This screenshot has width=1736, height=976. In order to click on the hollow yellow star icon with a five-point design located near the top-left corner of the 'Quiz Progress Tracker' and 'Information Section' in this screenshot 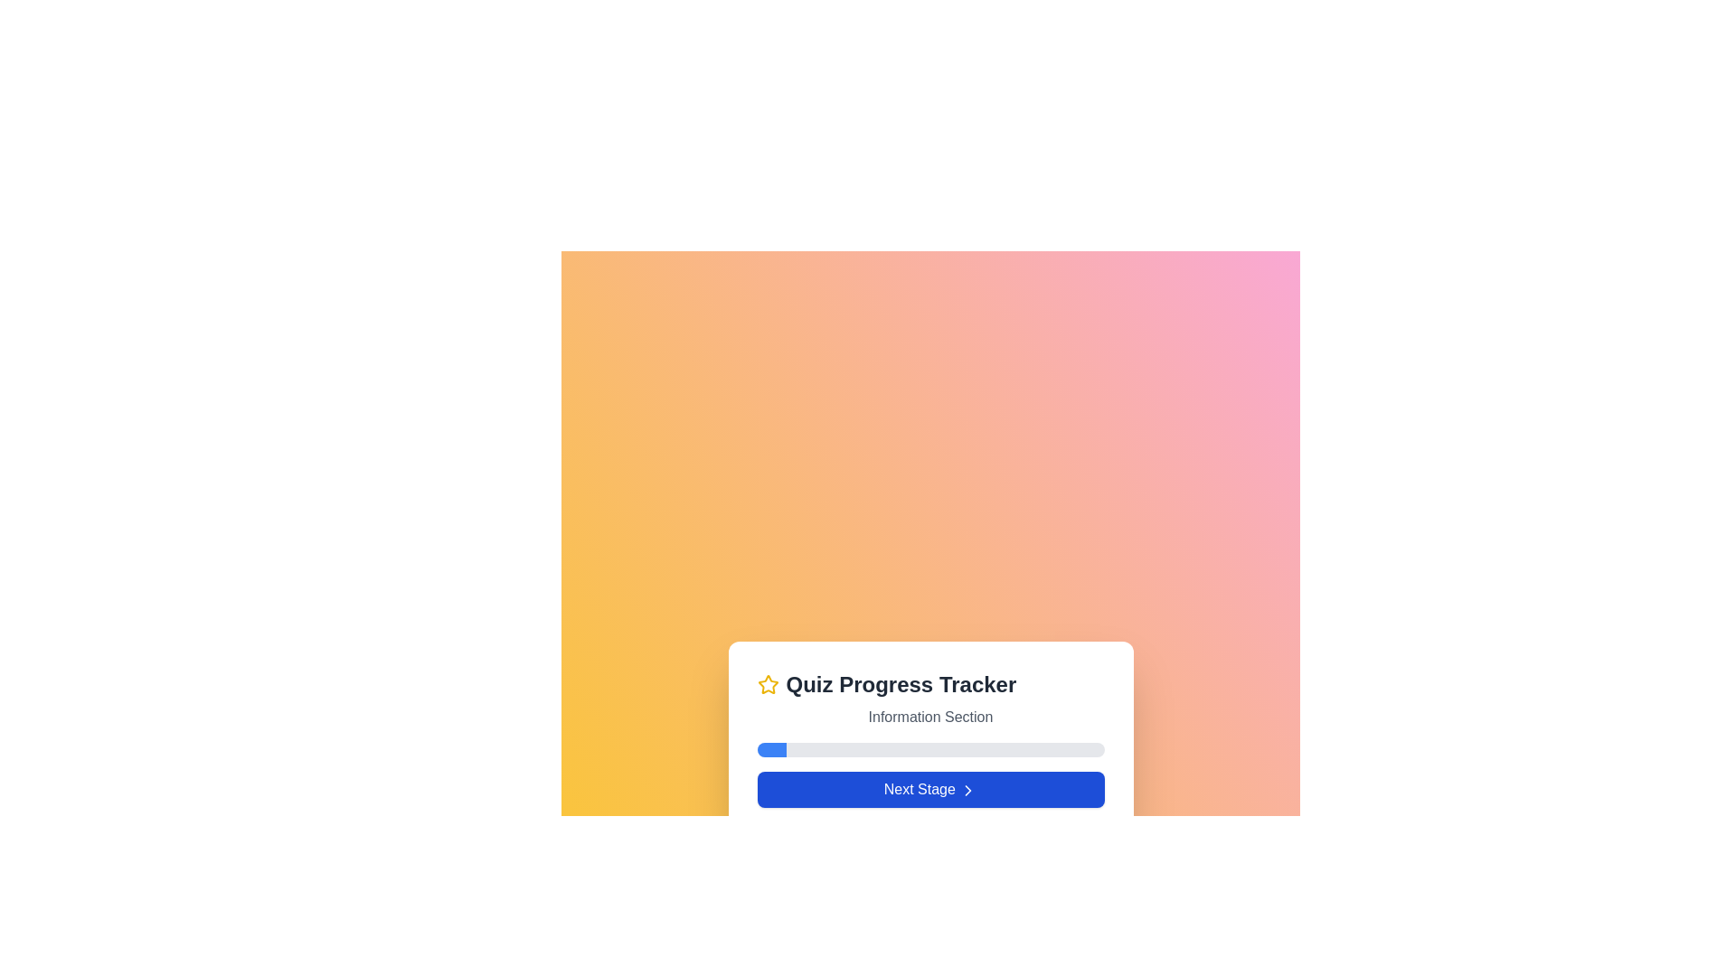, I will do `click(768, 684)`.